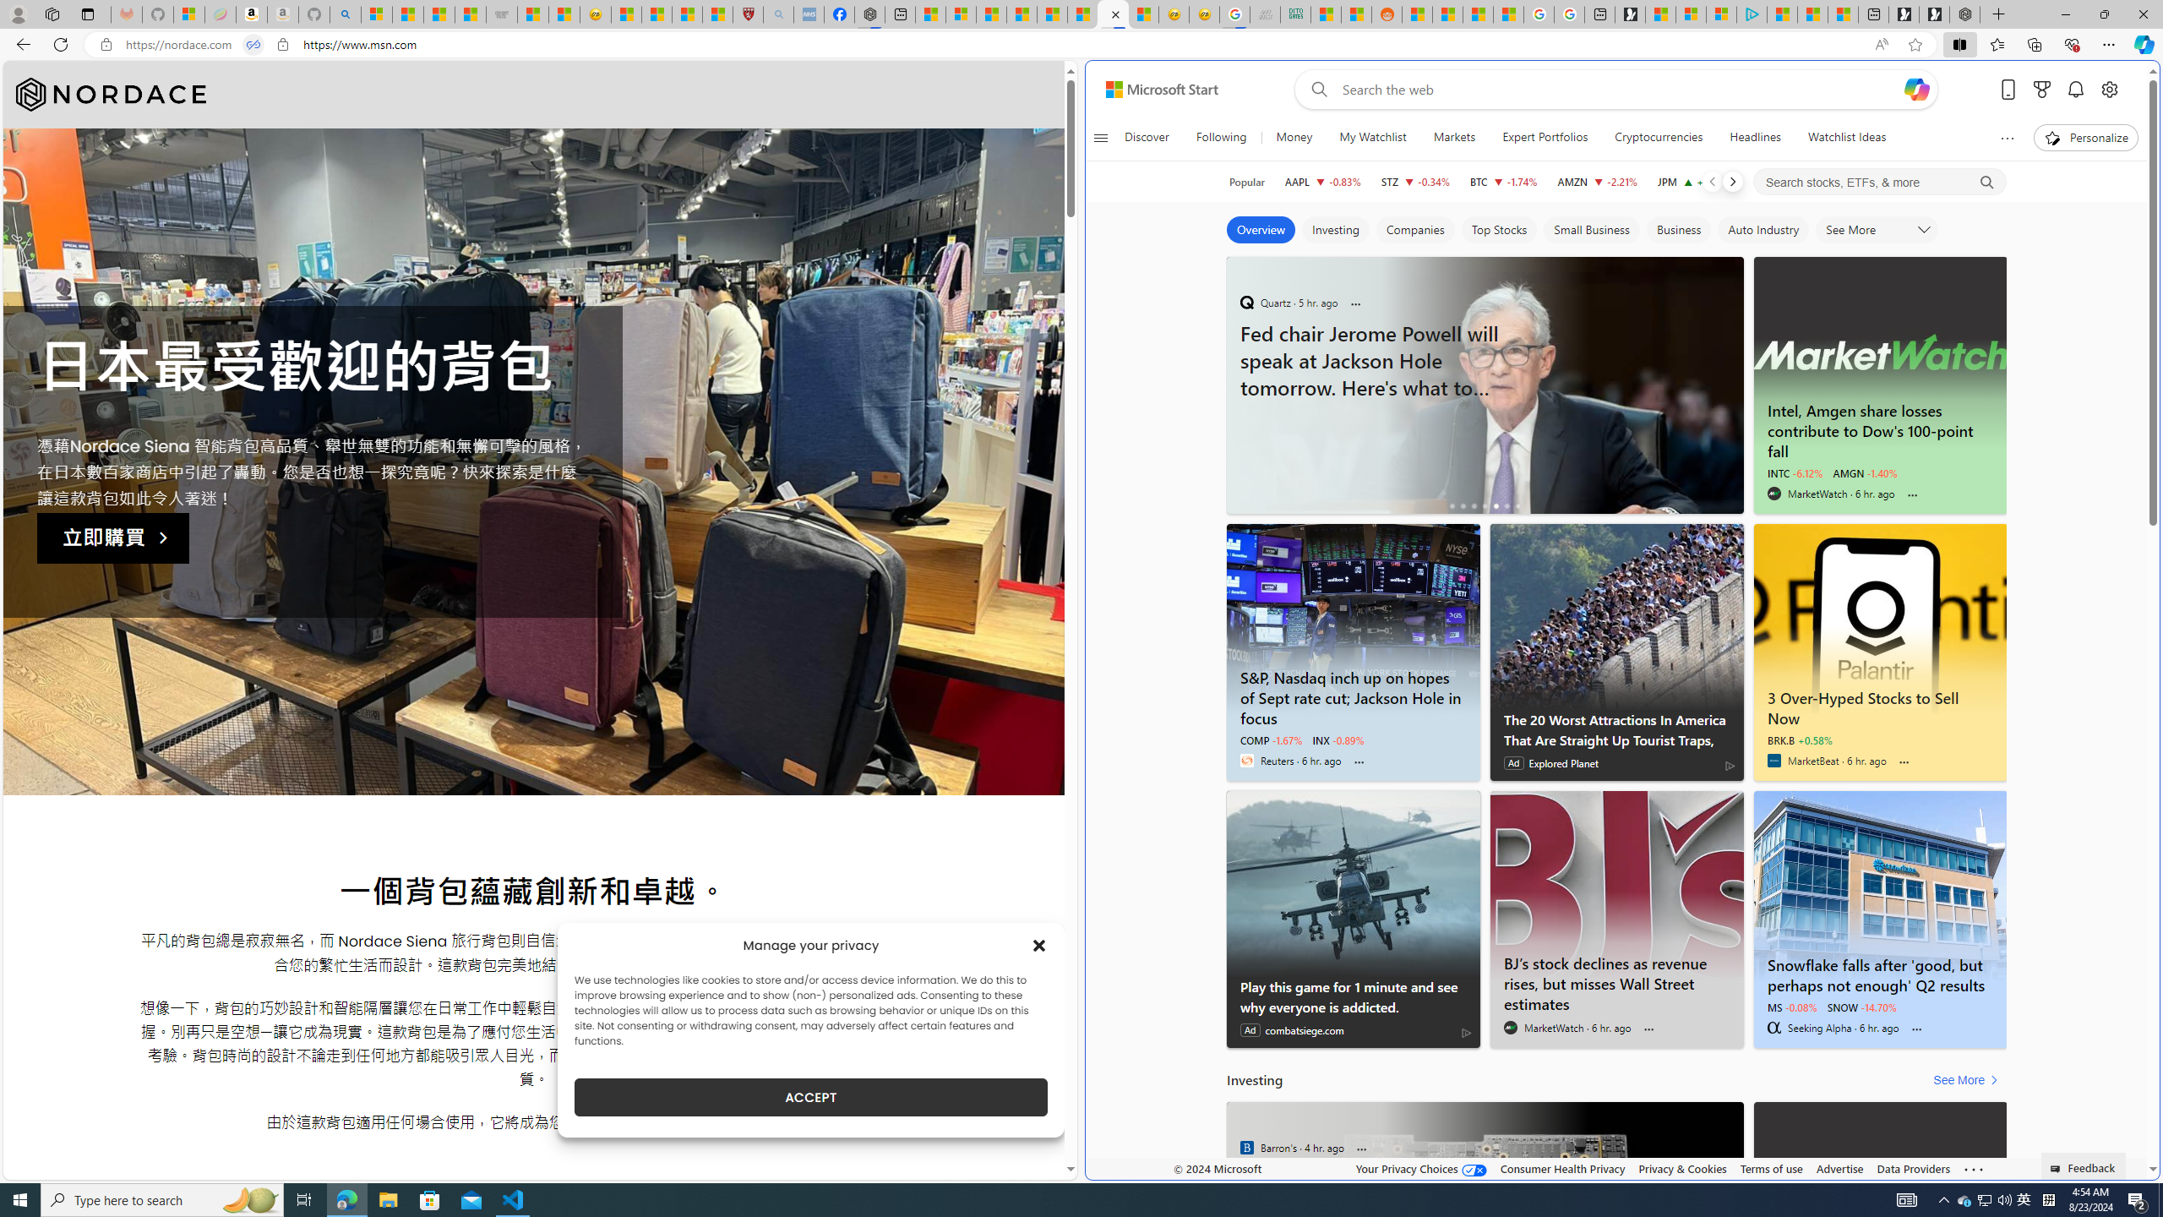 The width and height of the screenshot is (2163, 1217). What do you see at coordinates (1914, 1168) in the screenshot?
I see `'Data Providers'` at bounding box center [1914, 1168].